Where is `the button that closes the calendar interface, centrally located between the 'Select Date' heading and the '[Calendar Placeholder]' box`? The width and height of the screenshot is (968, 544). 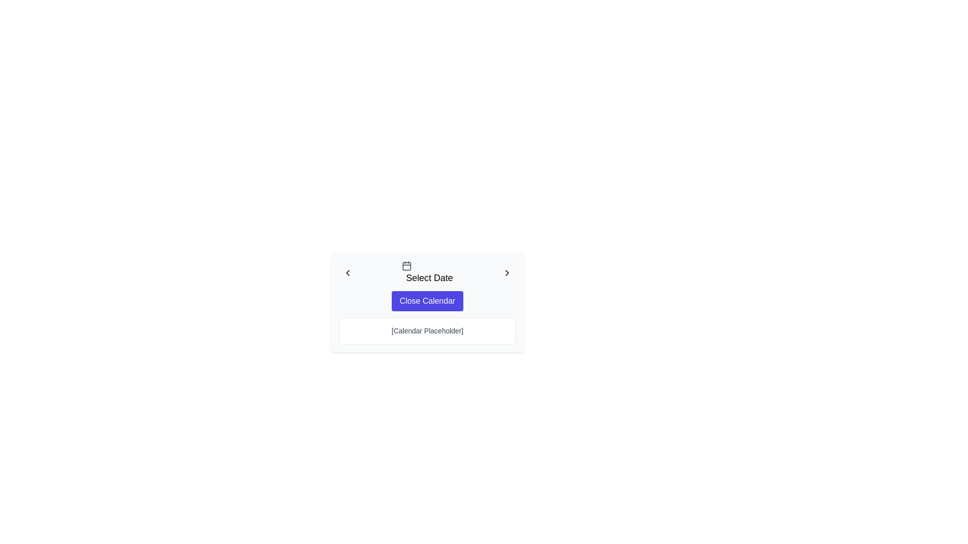
the button that closes the calendar interface, centrally located between the 'Select Date' heading and the '[Calendar Placeholder]' box is located at coordinates (428, 302).